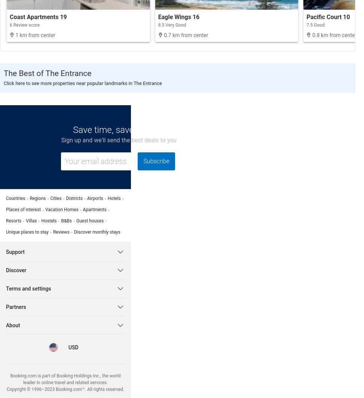  Describe the element at coordinates (178, 17) in the screenshot. I see `'Eagle Wings 16'` at that location.